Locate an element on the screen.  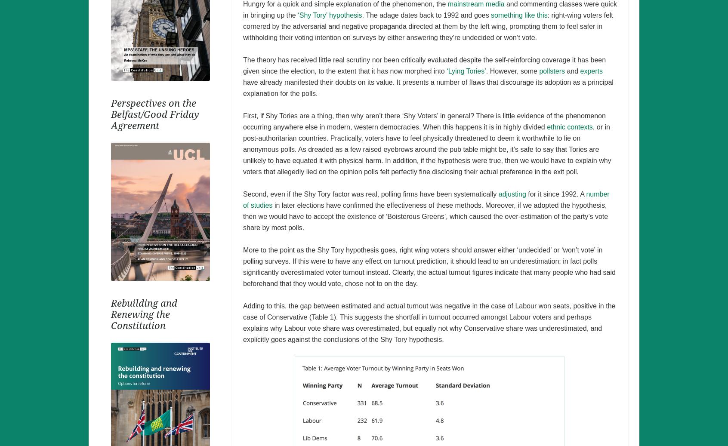
'Perspectives on the Belfast/Good Friday Agreement' is located at coordinates (154, 114).